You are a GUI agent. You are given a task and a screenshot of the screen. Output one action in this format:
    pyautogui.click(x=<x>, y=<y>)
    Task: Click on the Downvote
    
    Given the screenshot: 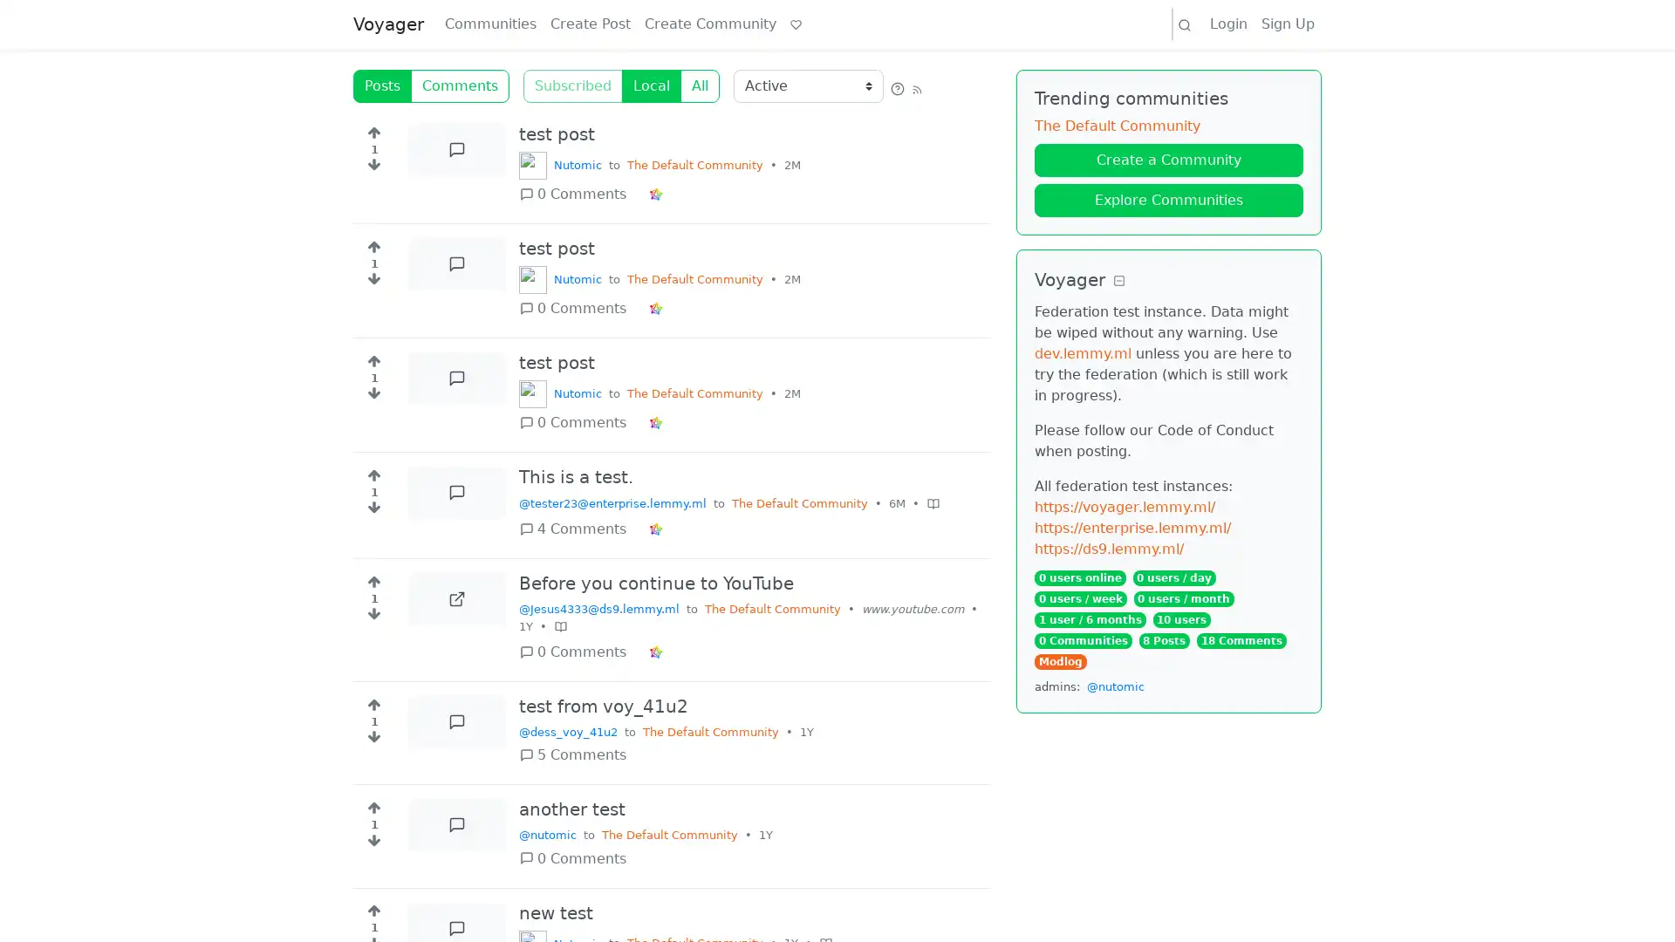 What is the action you would take?
    pyautogui.click(x=373, y=843)
    